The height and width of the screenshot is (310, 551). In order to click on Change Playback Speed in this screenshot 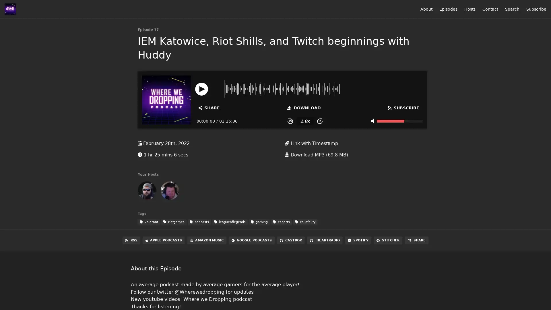, I will do `click(304, 120)`.